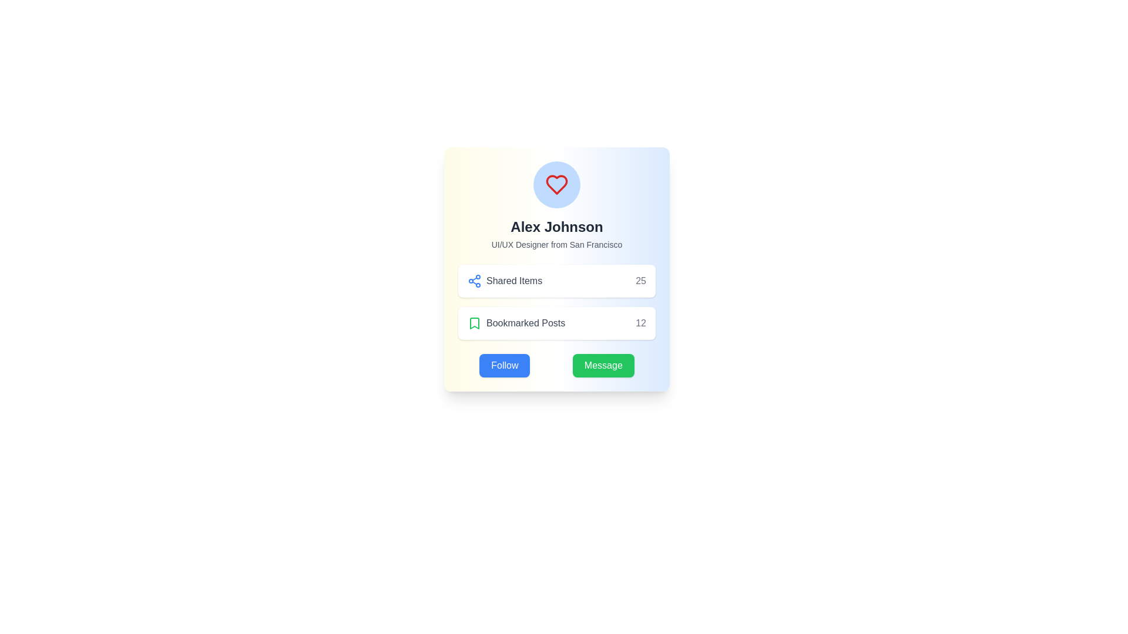  Describe the element at coordinates (474, 323) in the screenshot. I see `the bookmark icon located to the left of the 'Bookmarked Posts' text label, which visually represents bookmarked content` at that location.